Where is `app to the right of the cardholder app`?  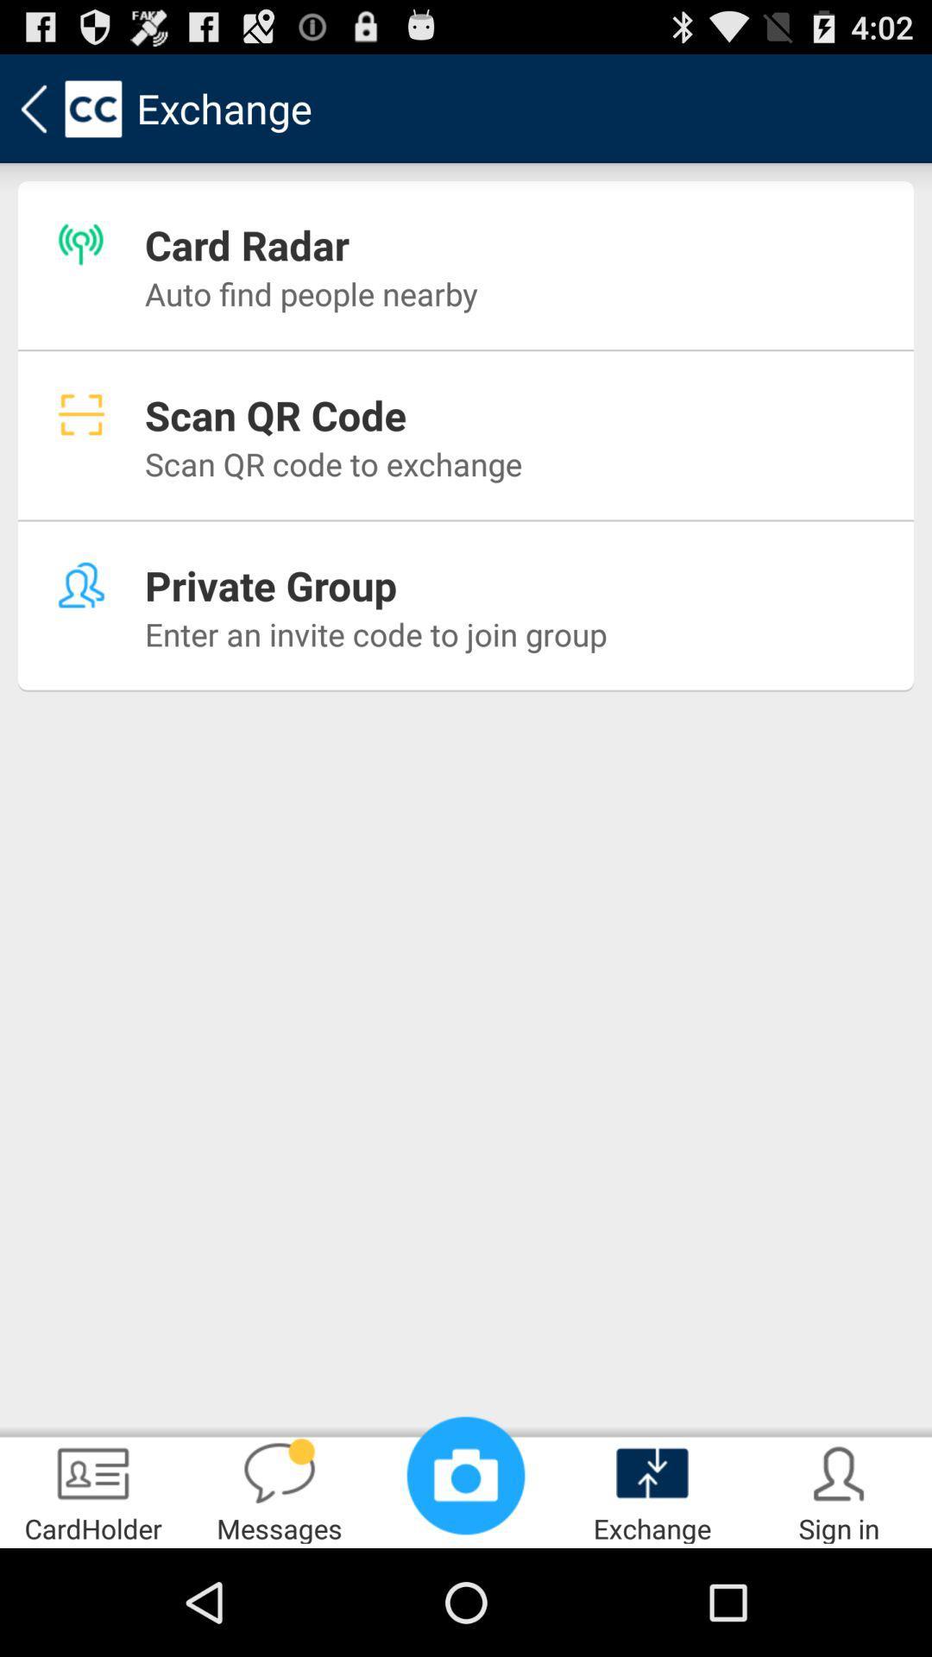
app to the right of the cardholder app is located at coordinates (279, 1490).